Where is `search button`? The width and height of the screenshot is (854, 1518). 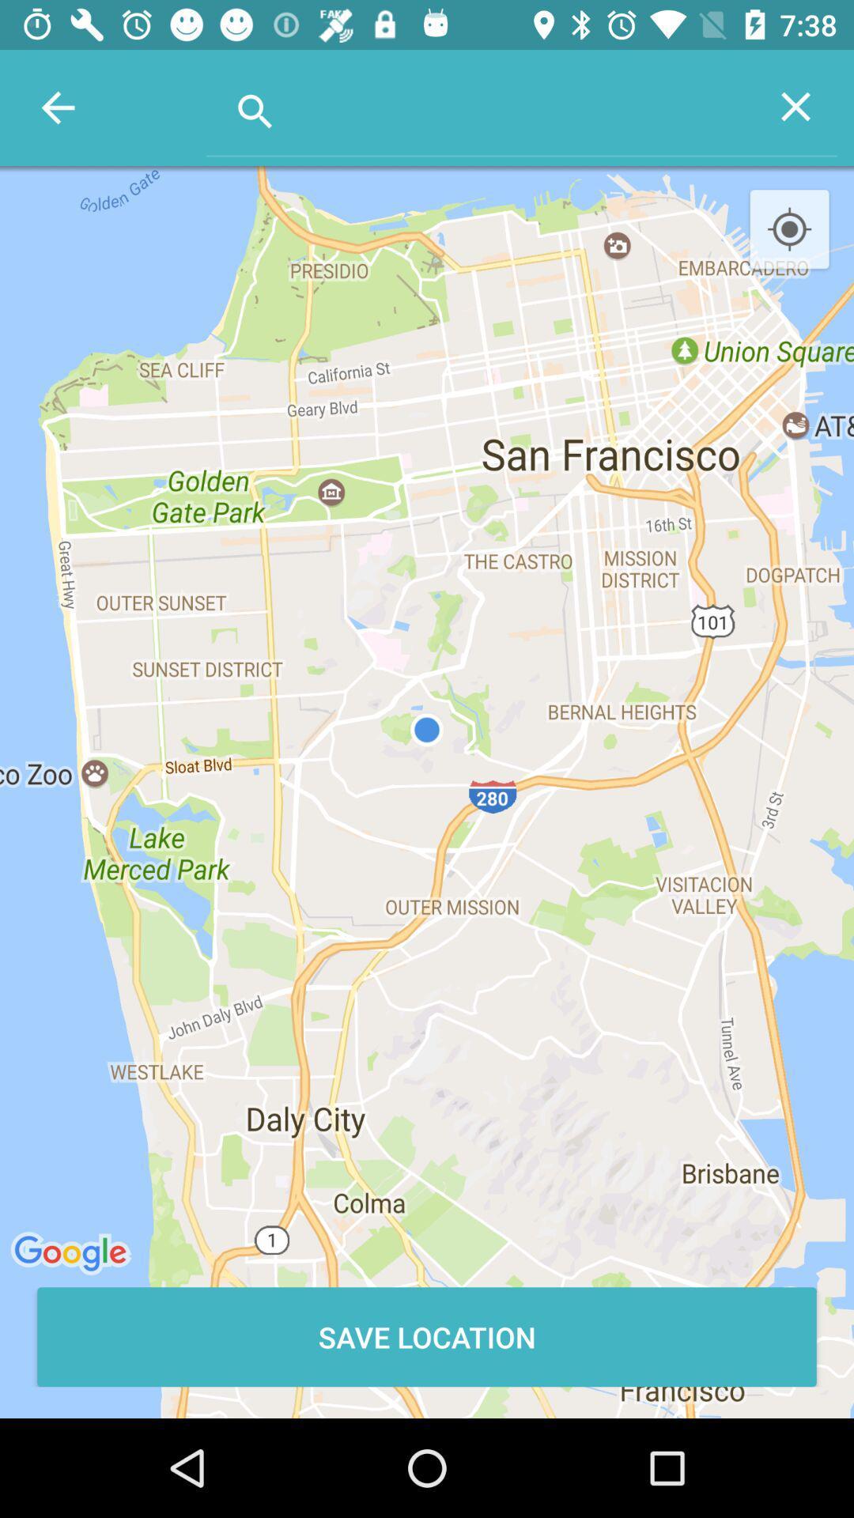
search button is located at coordinates (479, 105).